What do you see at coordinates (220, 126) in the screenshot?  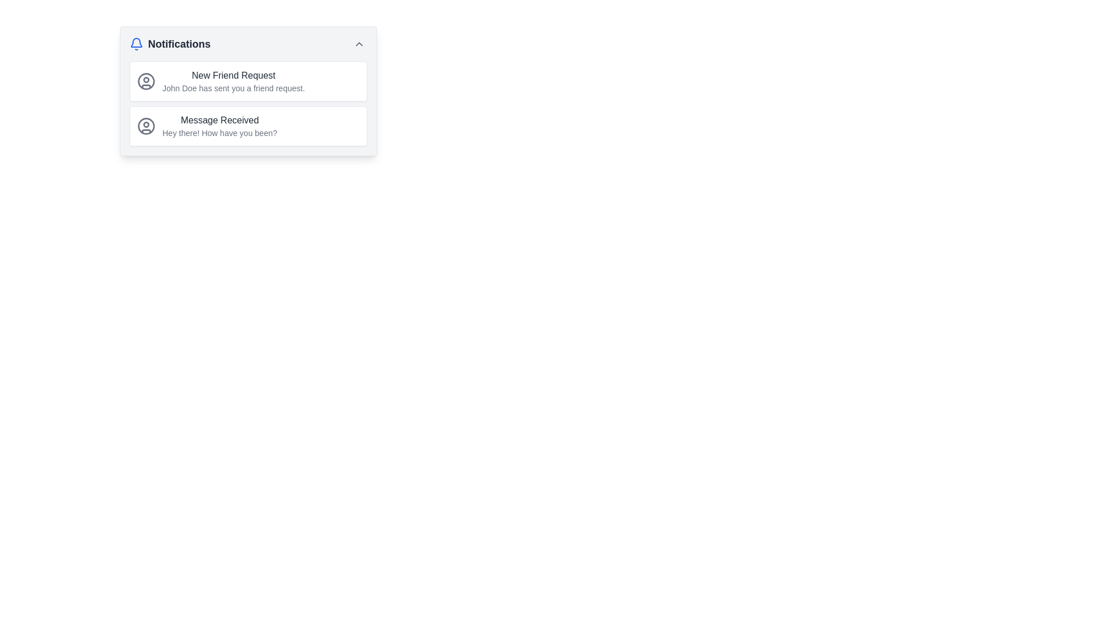 I see `the Text block that provides a message notification about a received message, located within the second notification entry under the 'Notifications' section` at bounding box center [220, 126].